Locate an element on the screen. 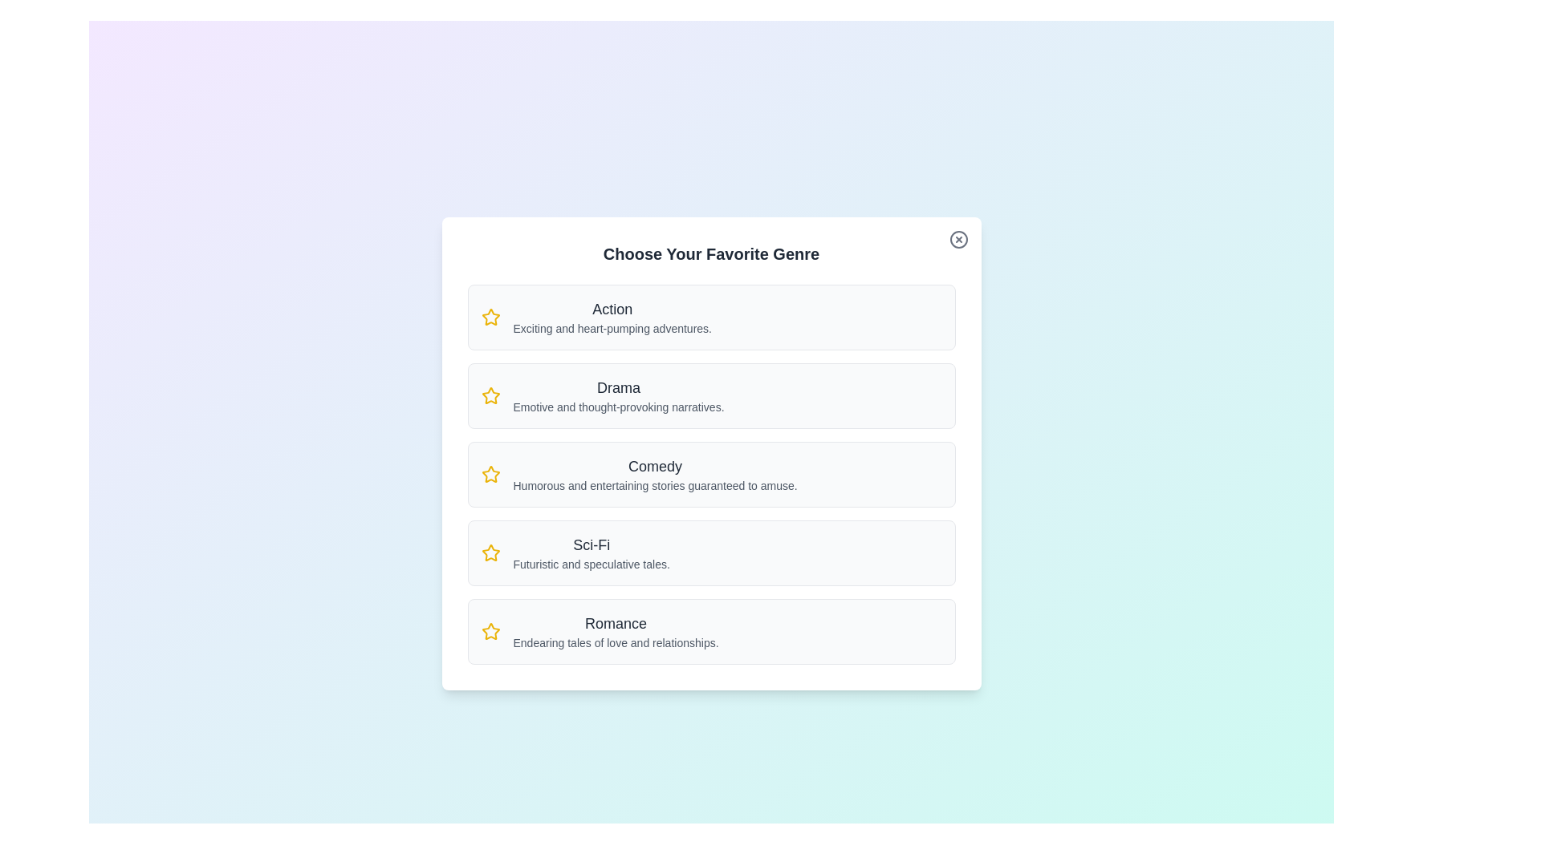  the card corresponding to the genre Sci-Fi is located at coordinates (710, 552).